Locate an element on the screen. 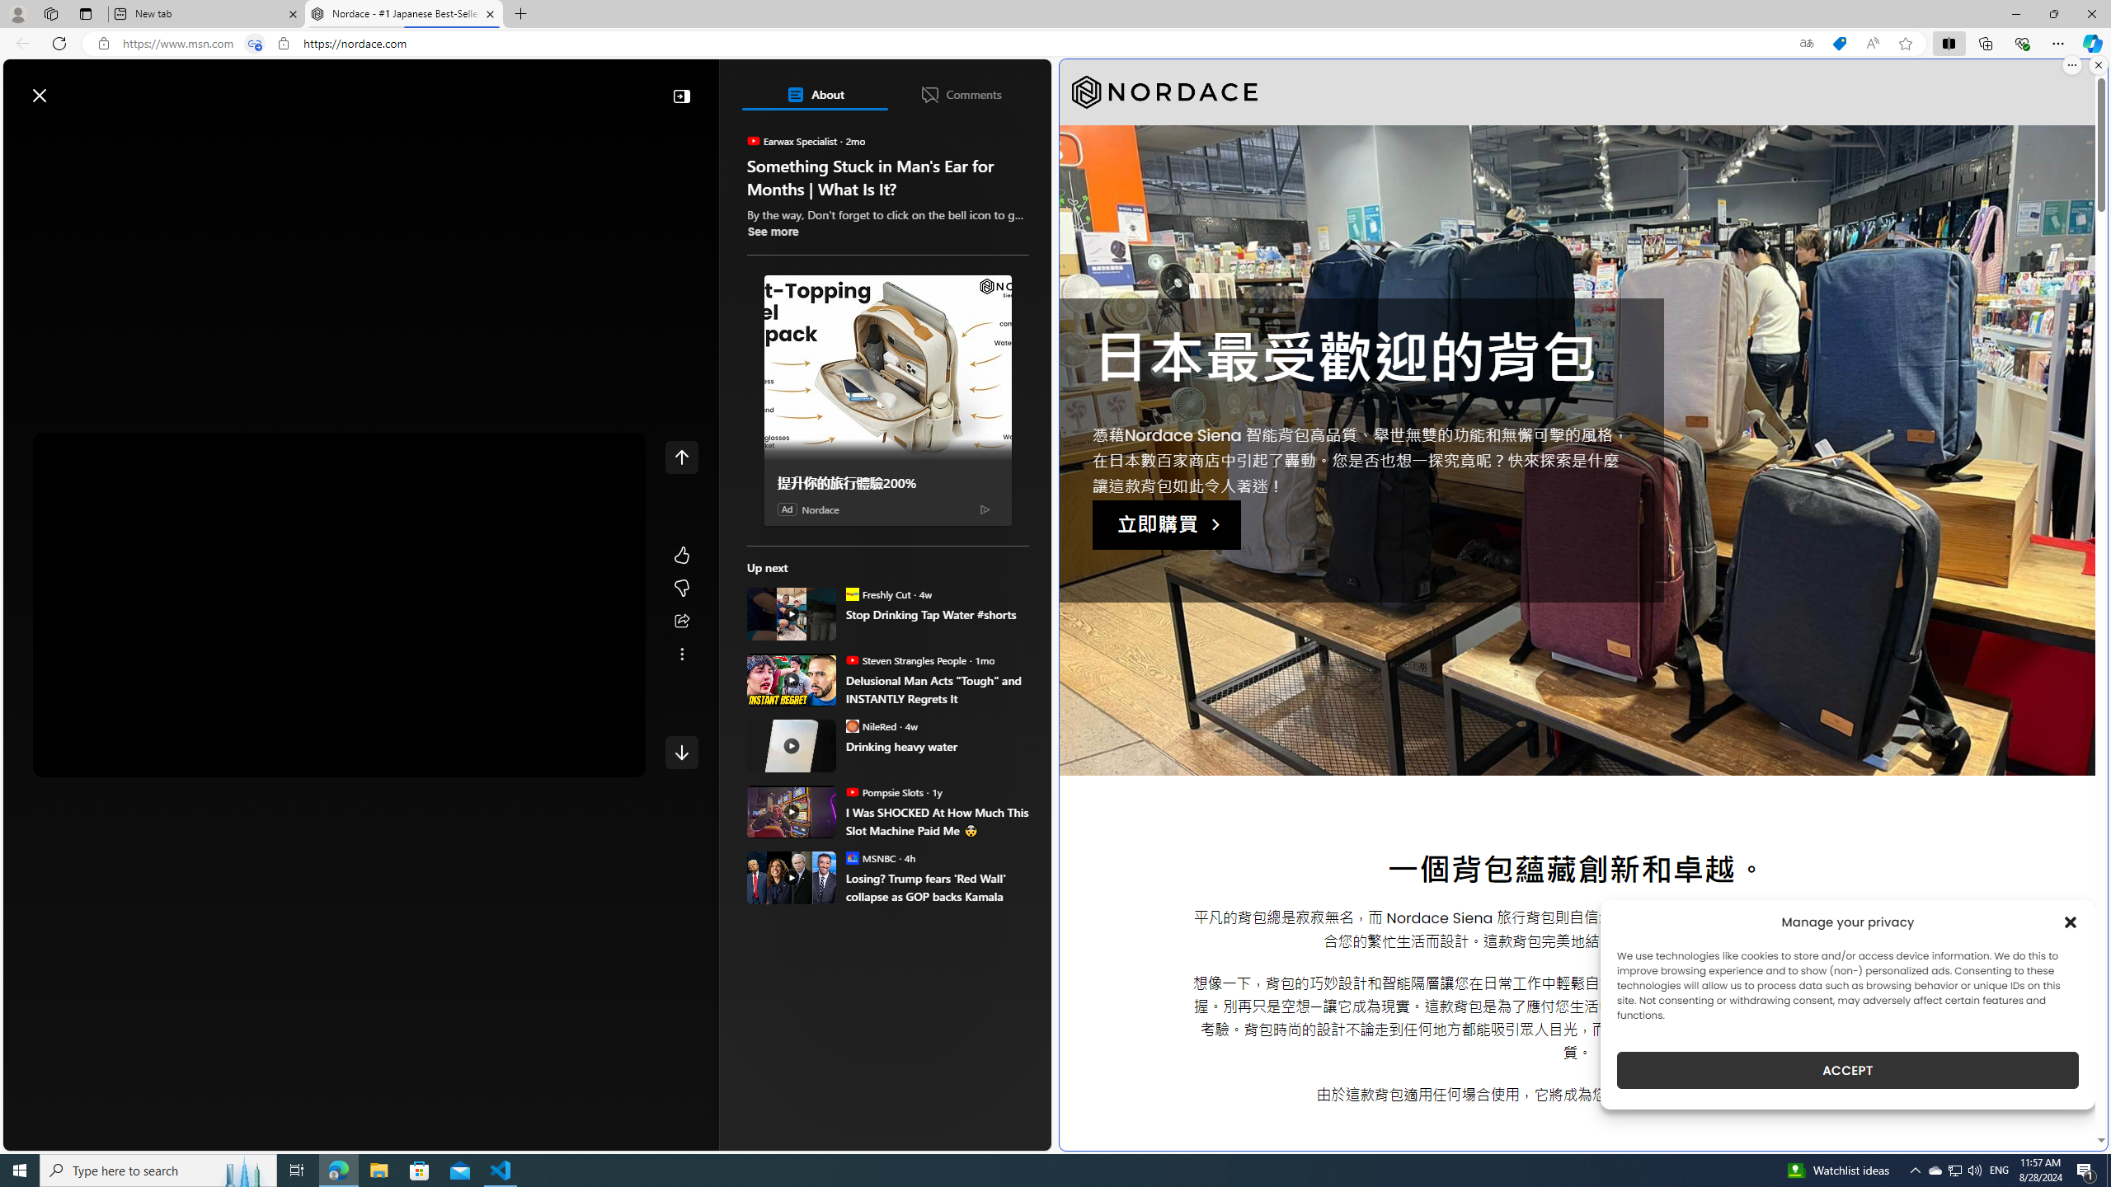 The image size is (2111, 1187). 'NileRed NileRed' is located at coordinates (870, 725).